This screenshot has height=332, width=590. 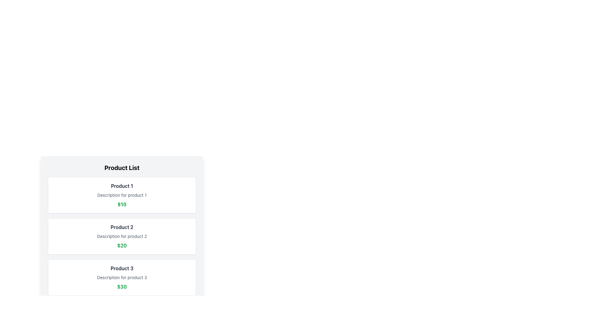 What do you see at coordinates (122, 277) in the screenshot?
I see `the descriptive label for 'Product 3', which is located in the third product card, positioned below the title and above the price` at bounding box center [122, 277].